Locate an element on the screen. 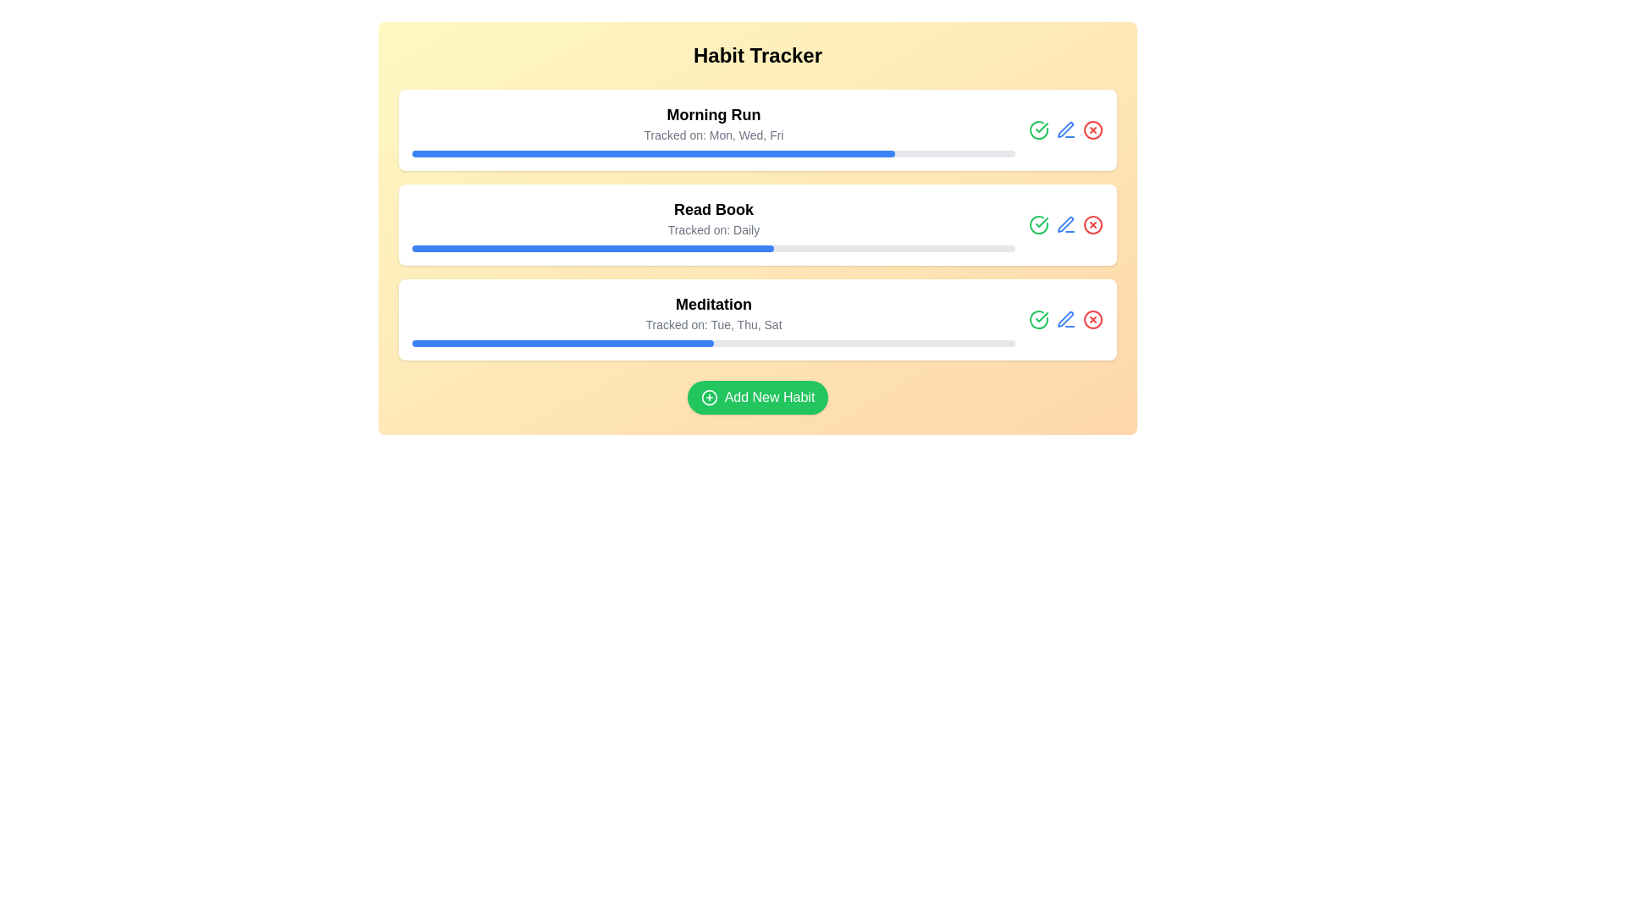 Image resolution: width=1626 pixels, height=914 pixels. the edit icon button located in the middle of the three icons on the right side of the 'Meditation' habit card is located at coordinates (1065, 320).